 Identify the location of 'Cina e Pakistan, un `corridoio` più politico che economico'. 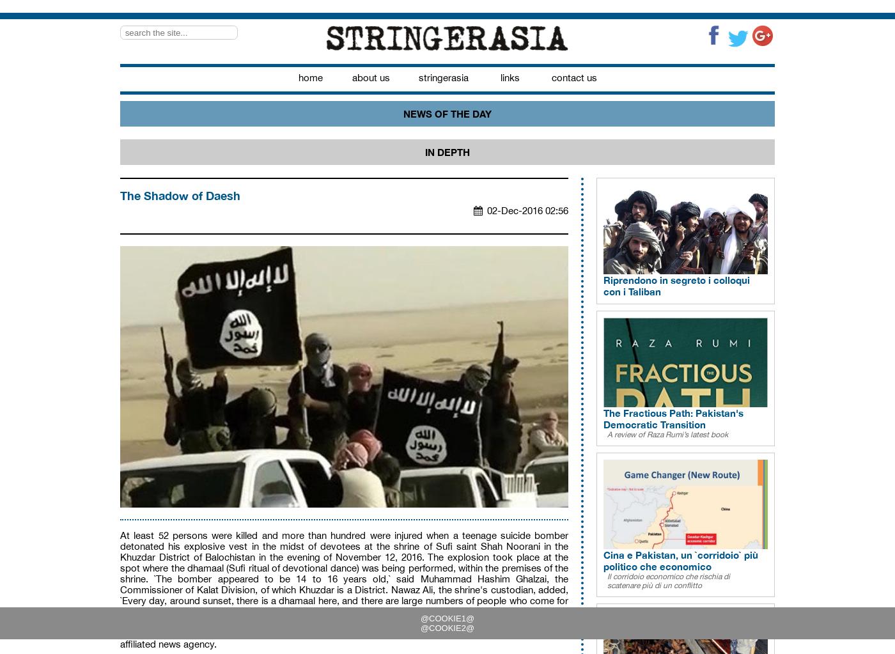
(680, 559).